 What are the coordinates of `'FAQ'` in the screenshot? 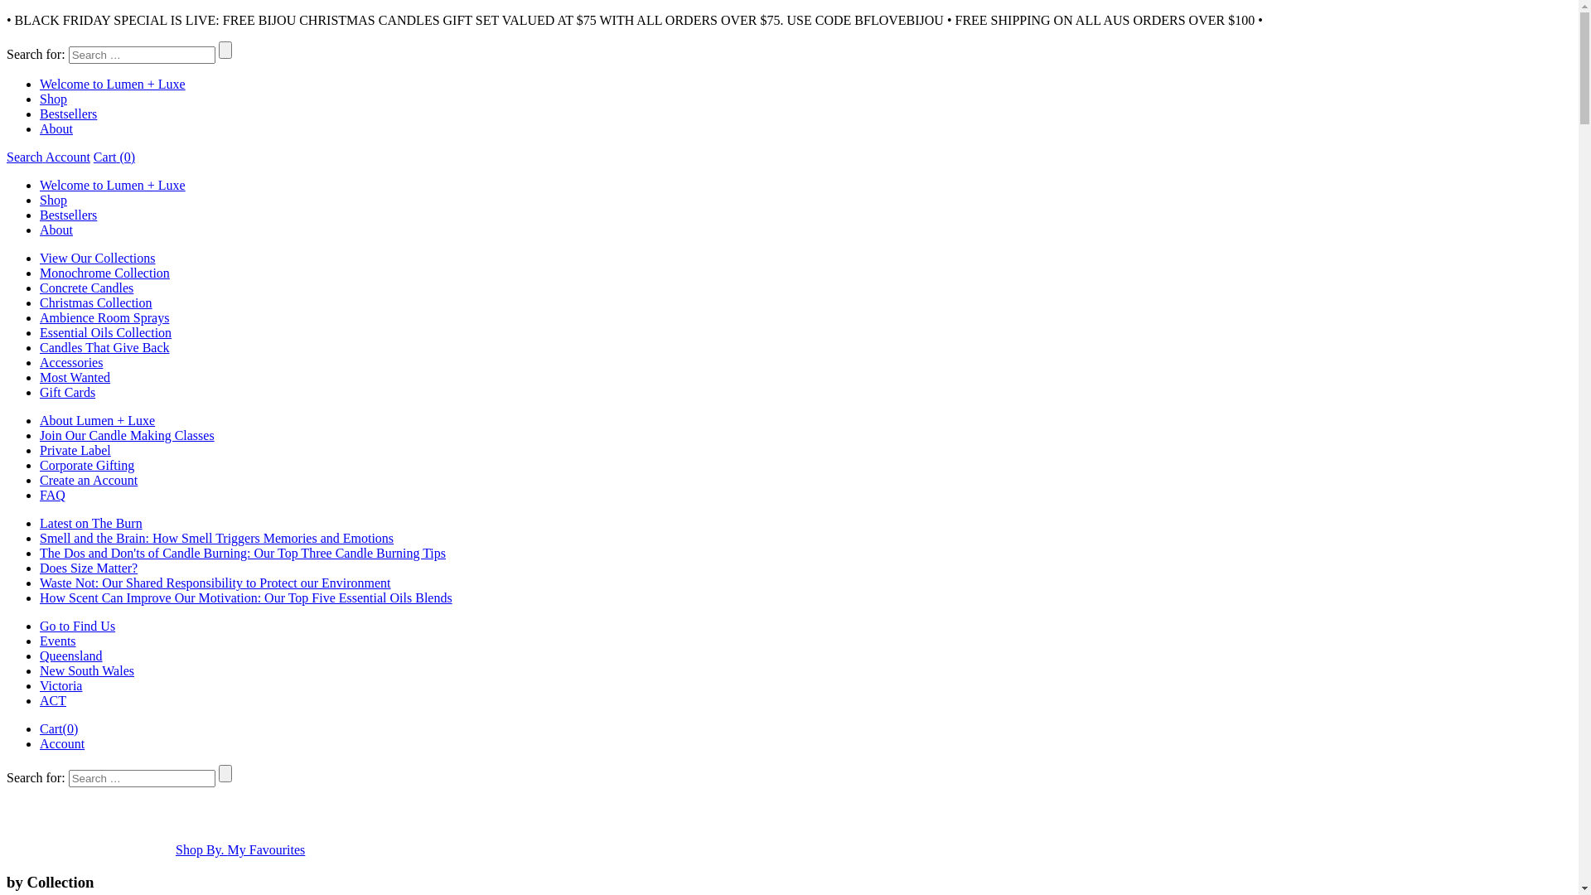 It's located at (52, 494).